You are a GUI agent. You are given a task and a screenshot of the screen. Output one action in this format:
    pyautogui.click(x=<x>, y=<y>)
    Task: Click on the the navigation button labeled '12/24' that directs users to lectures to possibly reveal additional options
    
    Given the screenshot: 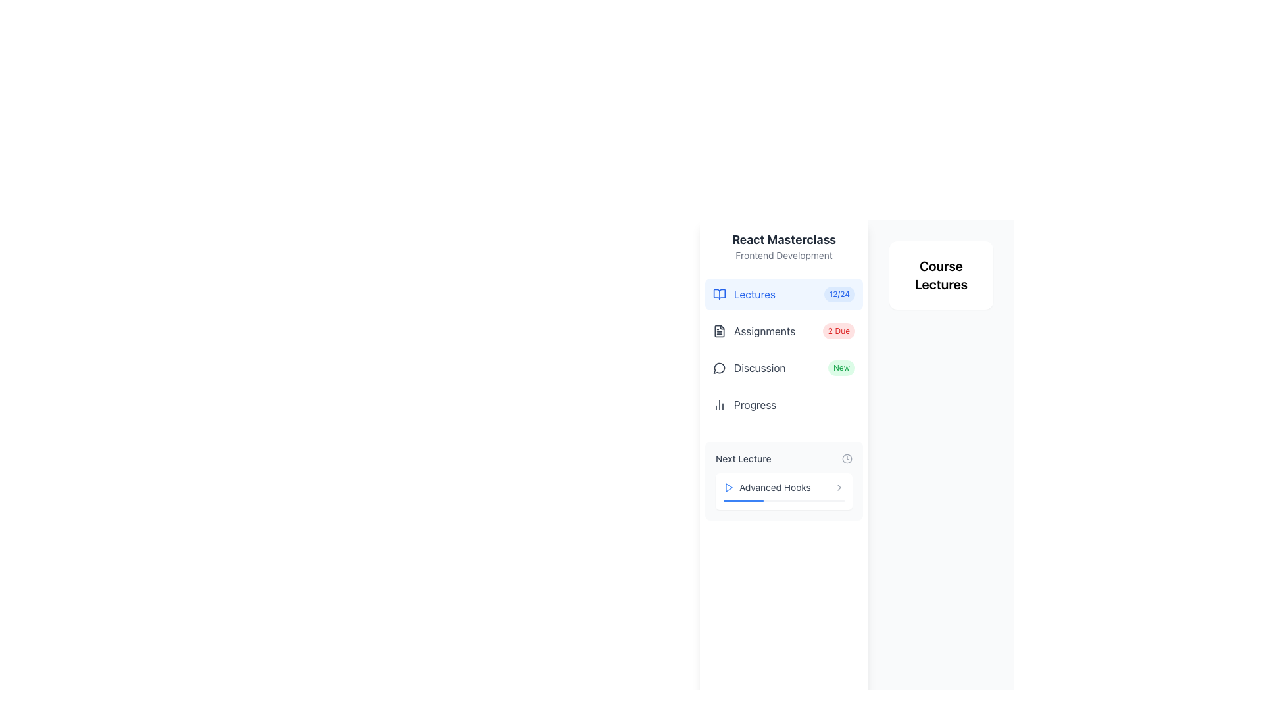 What is the action you would take?
    pyautogui.click(x=783, y=293)
    